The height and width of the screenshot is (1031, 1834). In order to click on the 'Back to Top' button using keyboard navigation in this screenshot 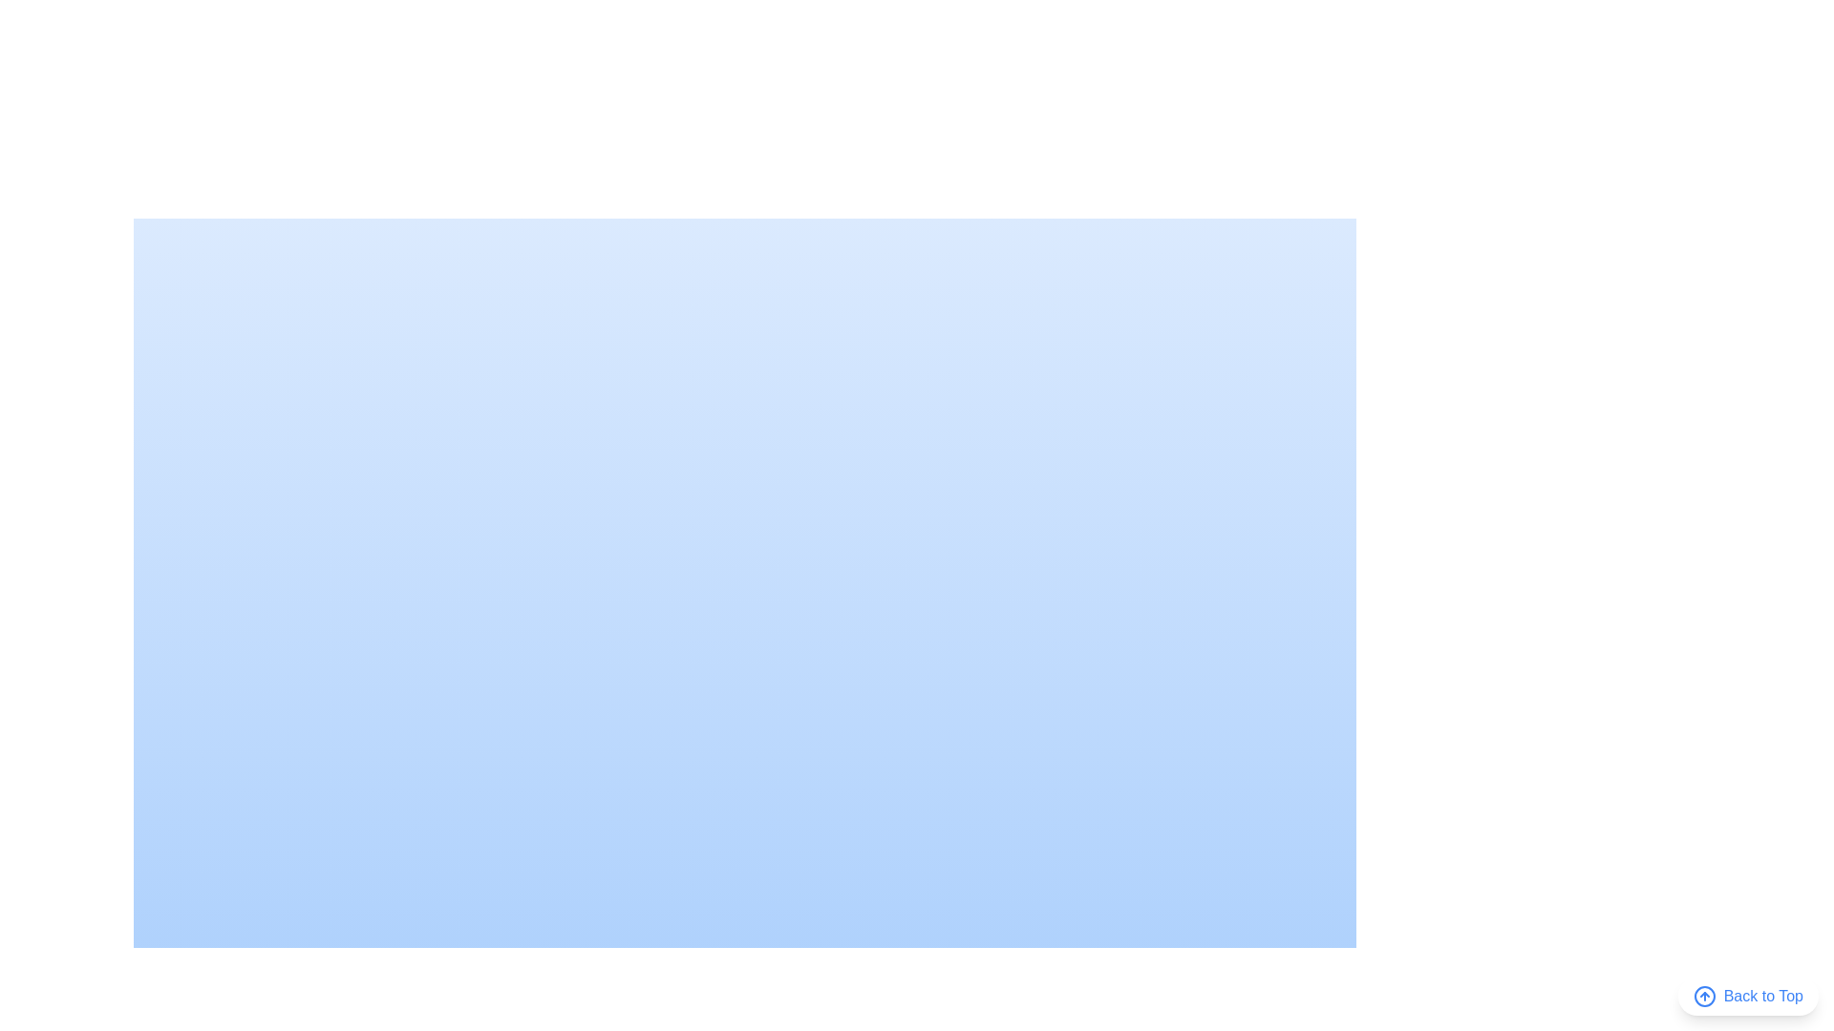, I will do `click(1748, 996)`.